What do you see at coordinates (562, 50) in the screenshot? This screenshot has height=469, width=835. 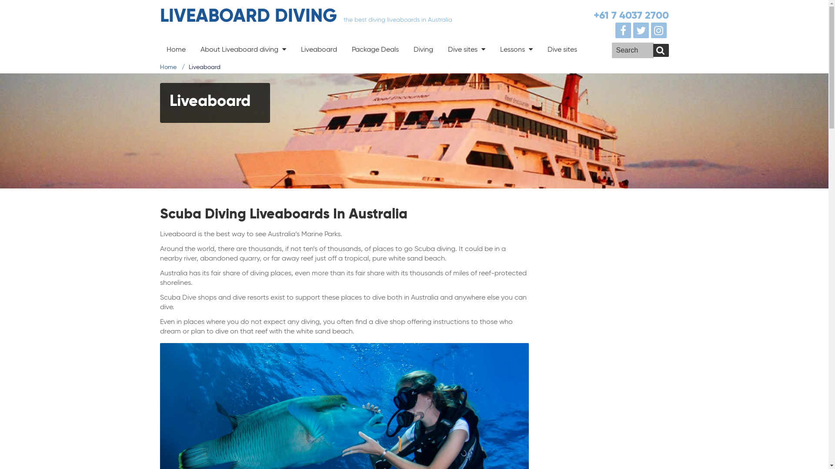 I see `'Dive sites'` at bounding box center [562, 50].